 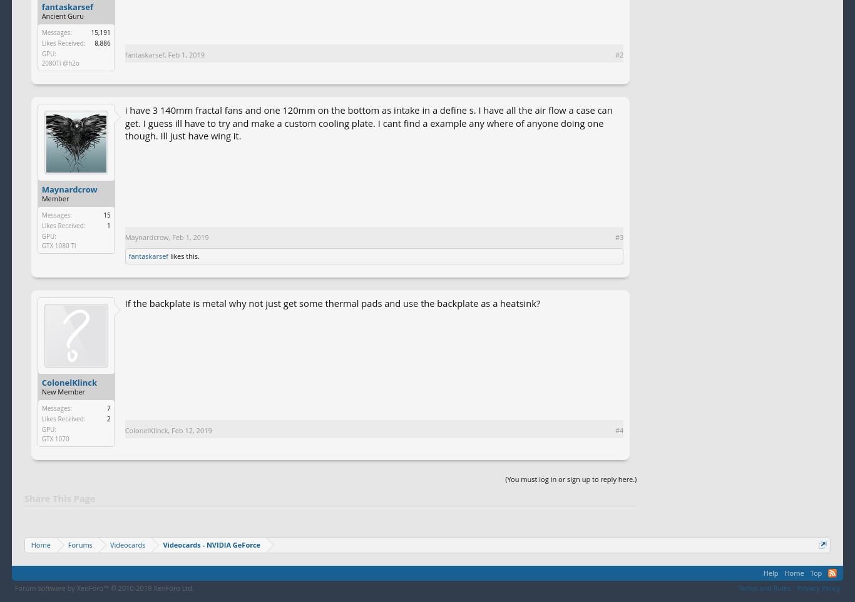 What do you see at coordinates (191, 430) in the screenshot?
I see `'Feb 12, 2019'` at bounding box center [191, 430].